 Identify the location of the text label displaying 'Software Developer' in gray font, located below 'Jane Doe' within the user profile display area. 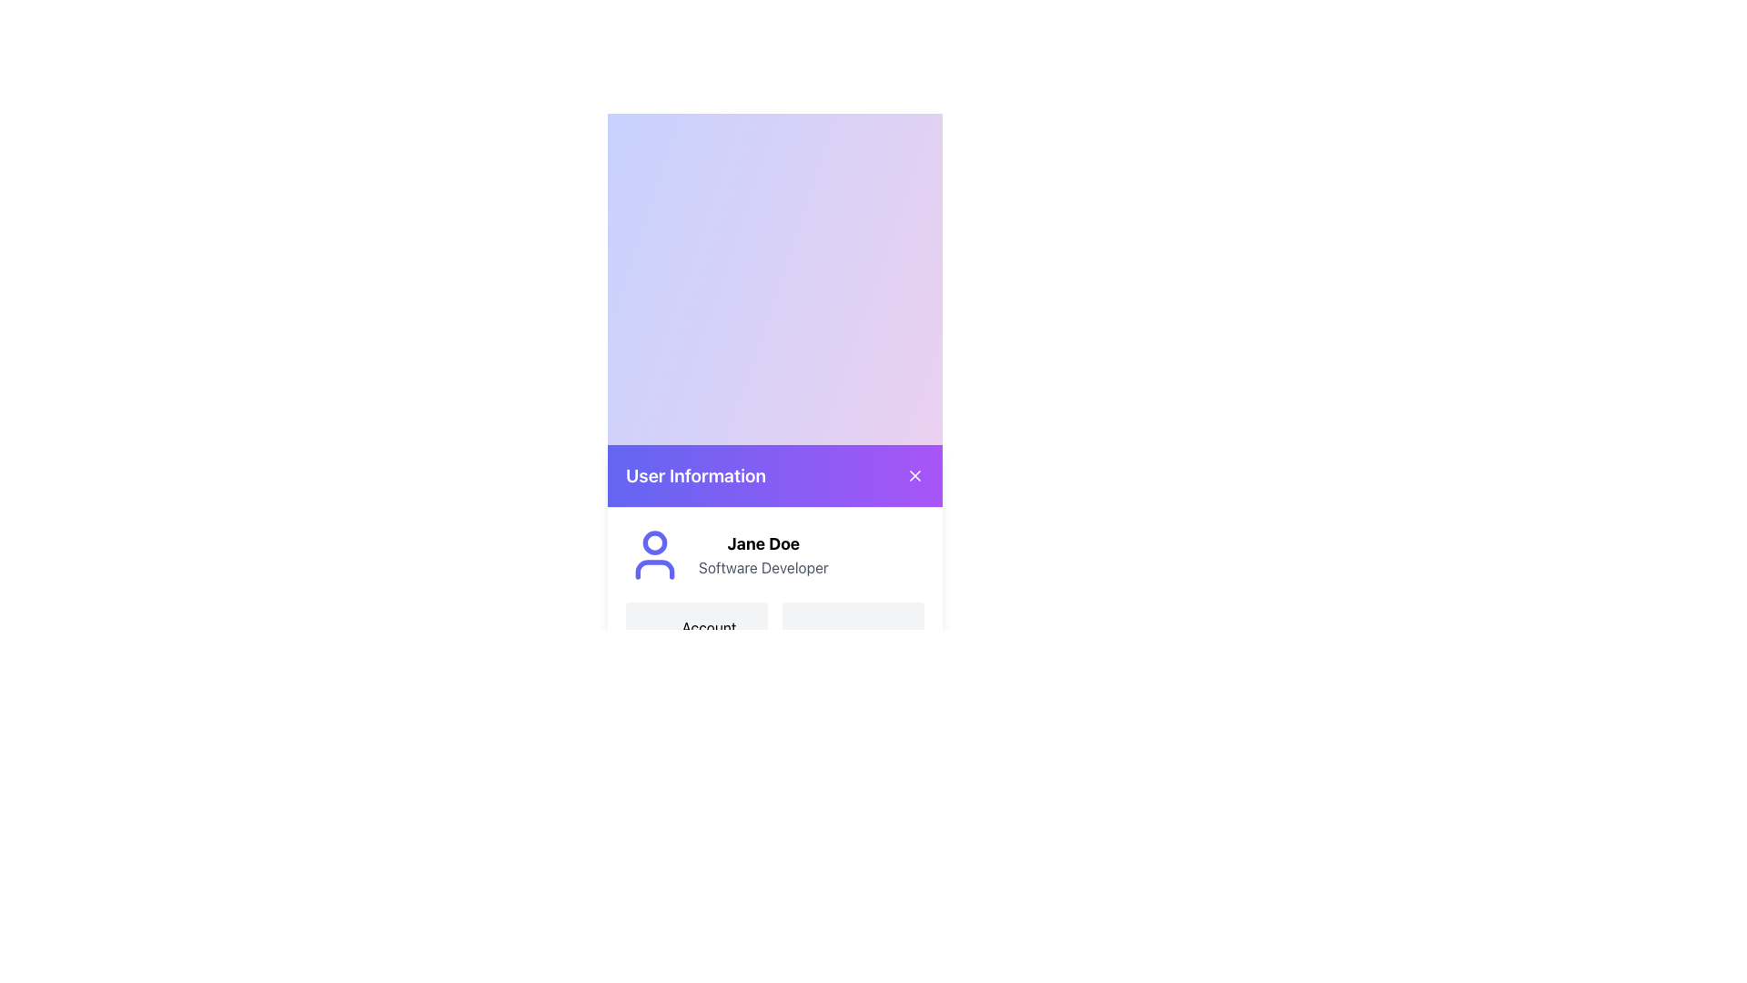
(763, 566).